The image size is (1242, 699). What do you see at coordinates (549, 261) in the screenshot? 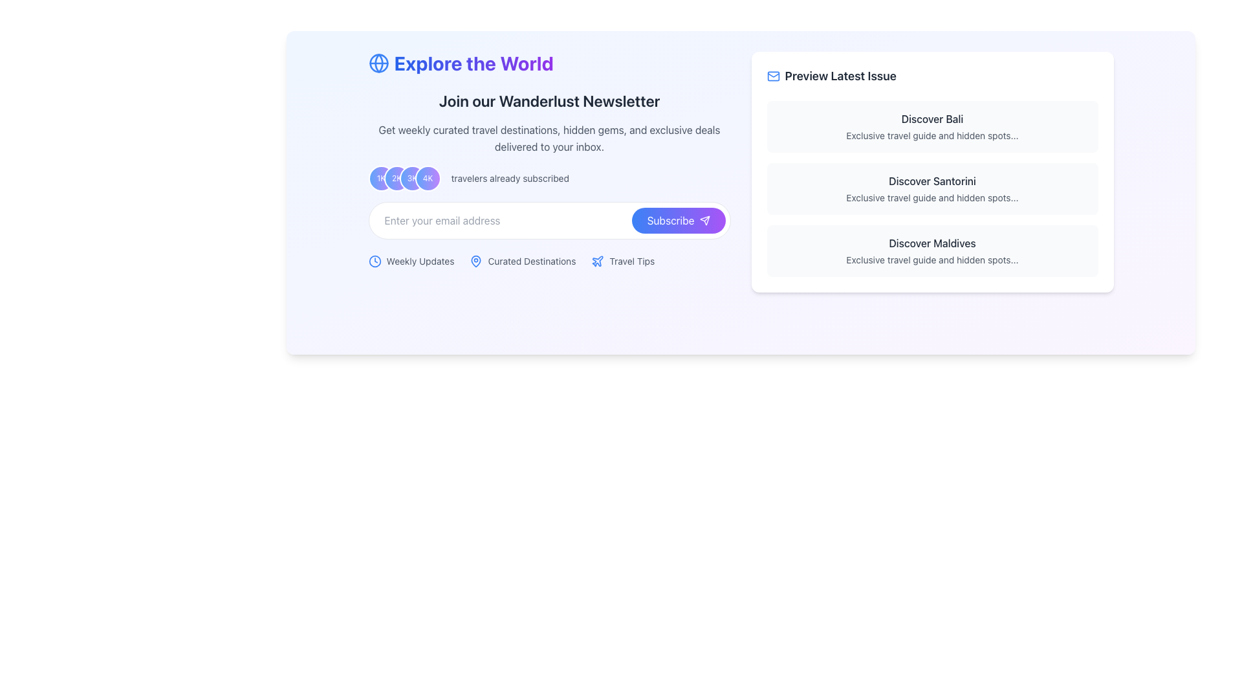
I see `the navigation links section located at the bottom of the subscription panel` at bounding box center [549, 261].